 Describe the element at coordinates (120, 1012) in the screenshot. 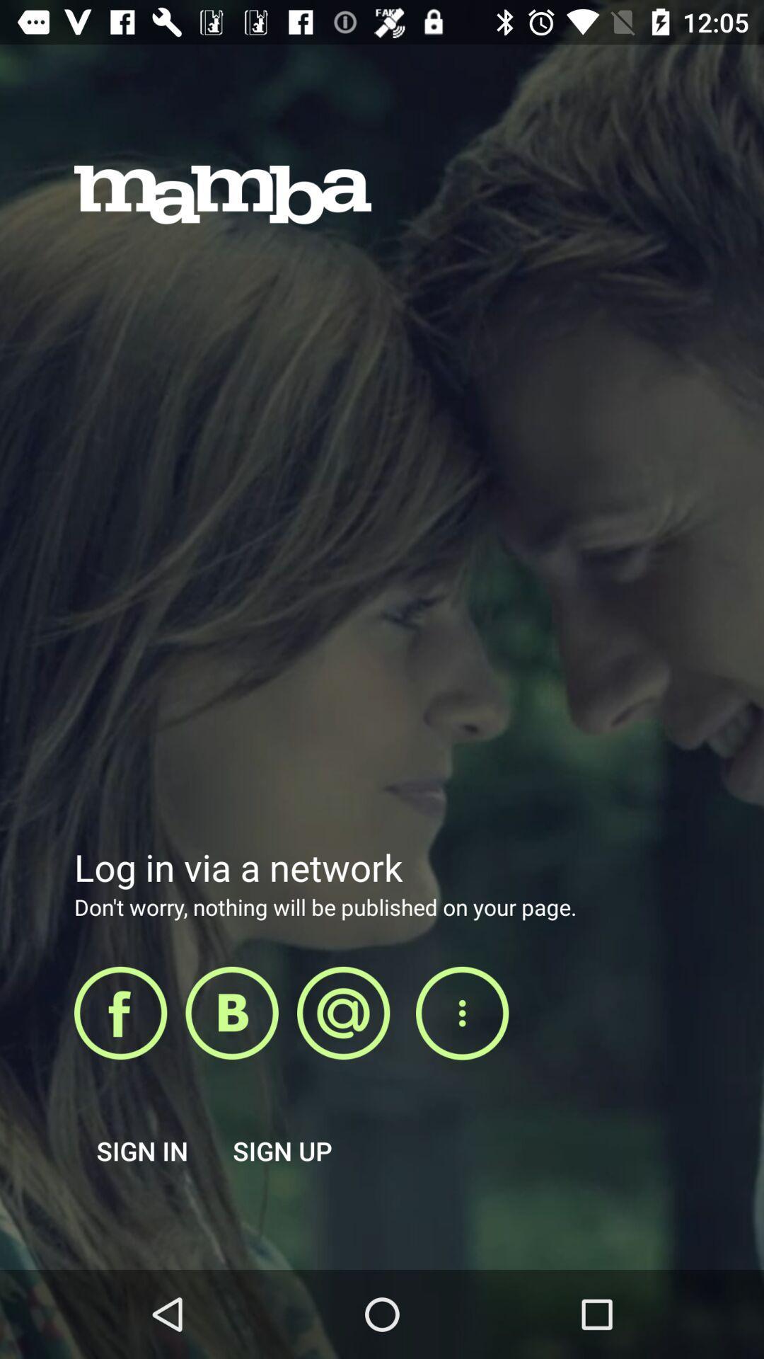

I see `login using facebook` at that location.